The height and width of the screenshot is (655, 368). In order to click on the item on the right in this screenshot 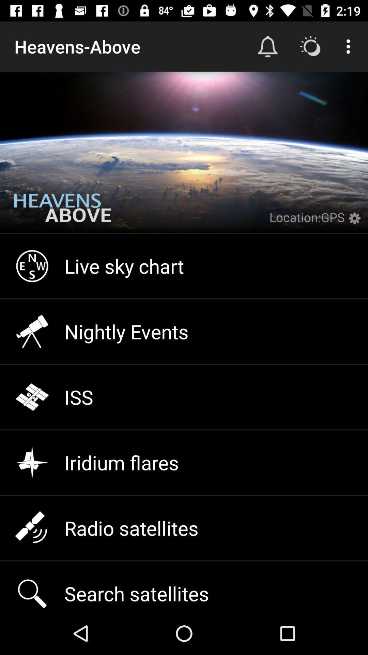, I will do `click(356, 222)`.